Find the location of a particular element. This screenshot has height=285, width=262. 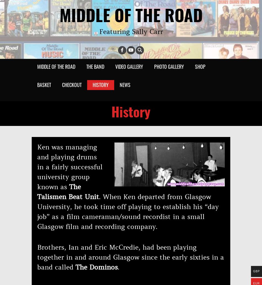

'News' is located at coordinates (125, 85).